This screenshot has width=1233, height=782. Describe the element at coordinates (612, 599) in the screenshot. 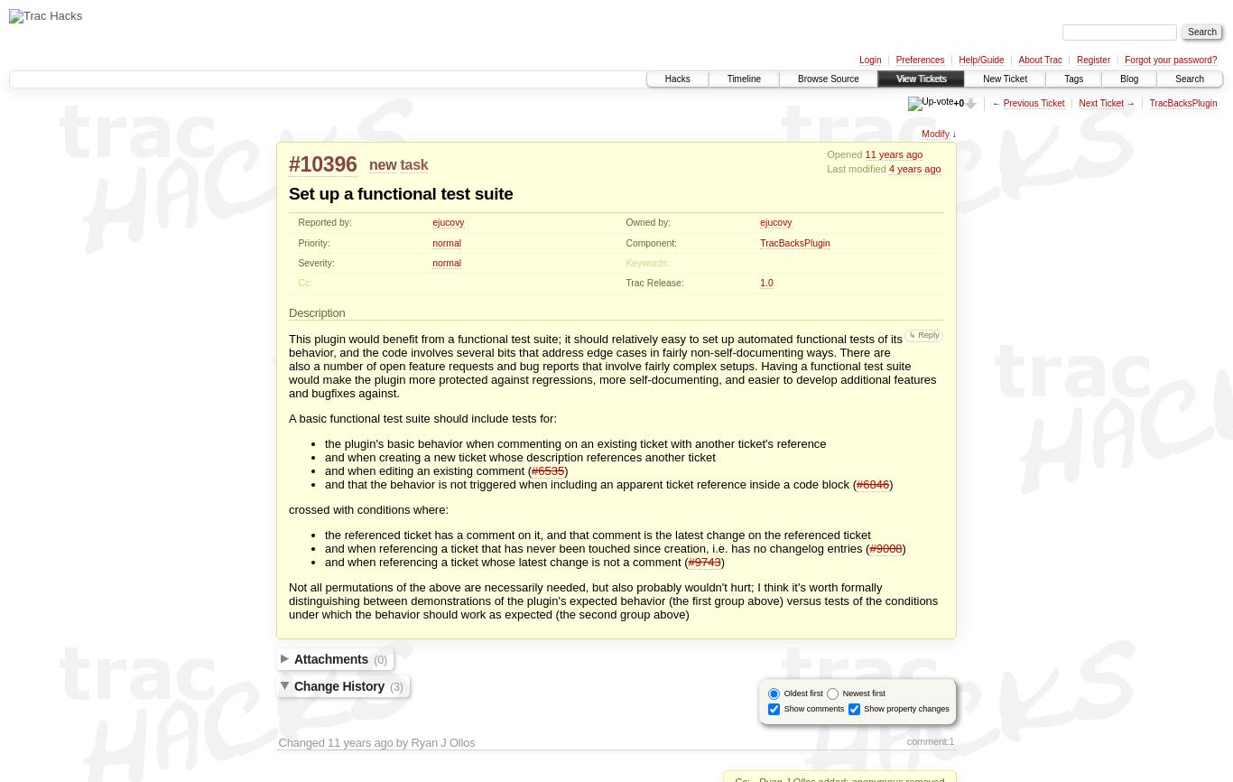

I see `'Not all permutations of the above are necessarily needed, but also probably wouldn't hurt; I think it's worth formally distinguishing between demonstrations of the plugin's expected behavior (the first group above) versus tests of the conditions under which the behavior should work as expected (the second group above)'` at that location.